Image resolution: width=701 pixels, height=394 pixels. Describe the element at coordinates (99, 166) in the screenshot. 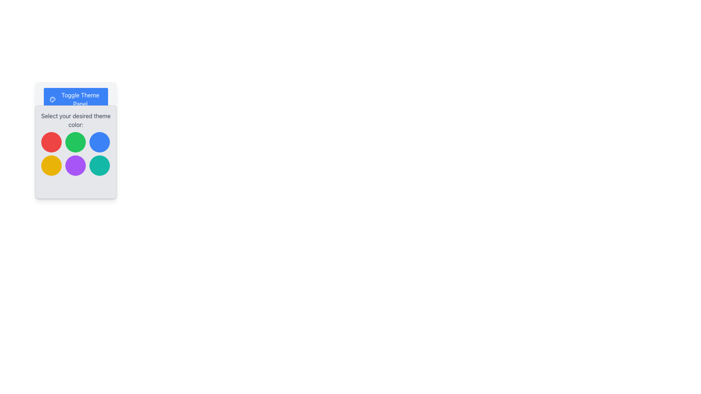

I see `the sixth button in the 3x2 grid layout located in the bottom-right corner` at that location.